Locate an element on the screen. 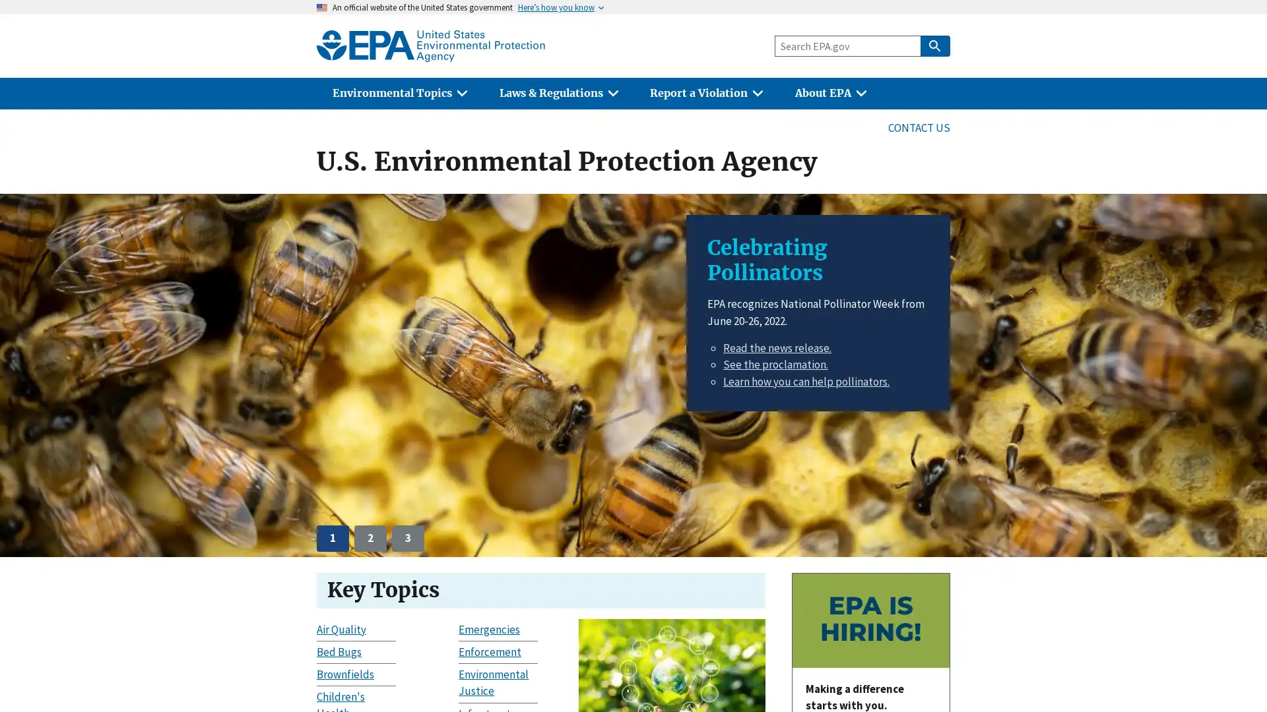 This screenshot has height=712, width=1267. Report a Violation is located at coordinates (705, 93).